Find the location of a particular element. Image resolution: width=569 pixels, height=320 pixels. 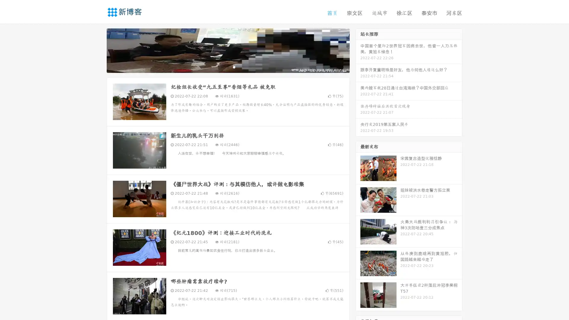

Next slide is located at coordinates (358, 50).